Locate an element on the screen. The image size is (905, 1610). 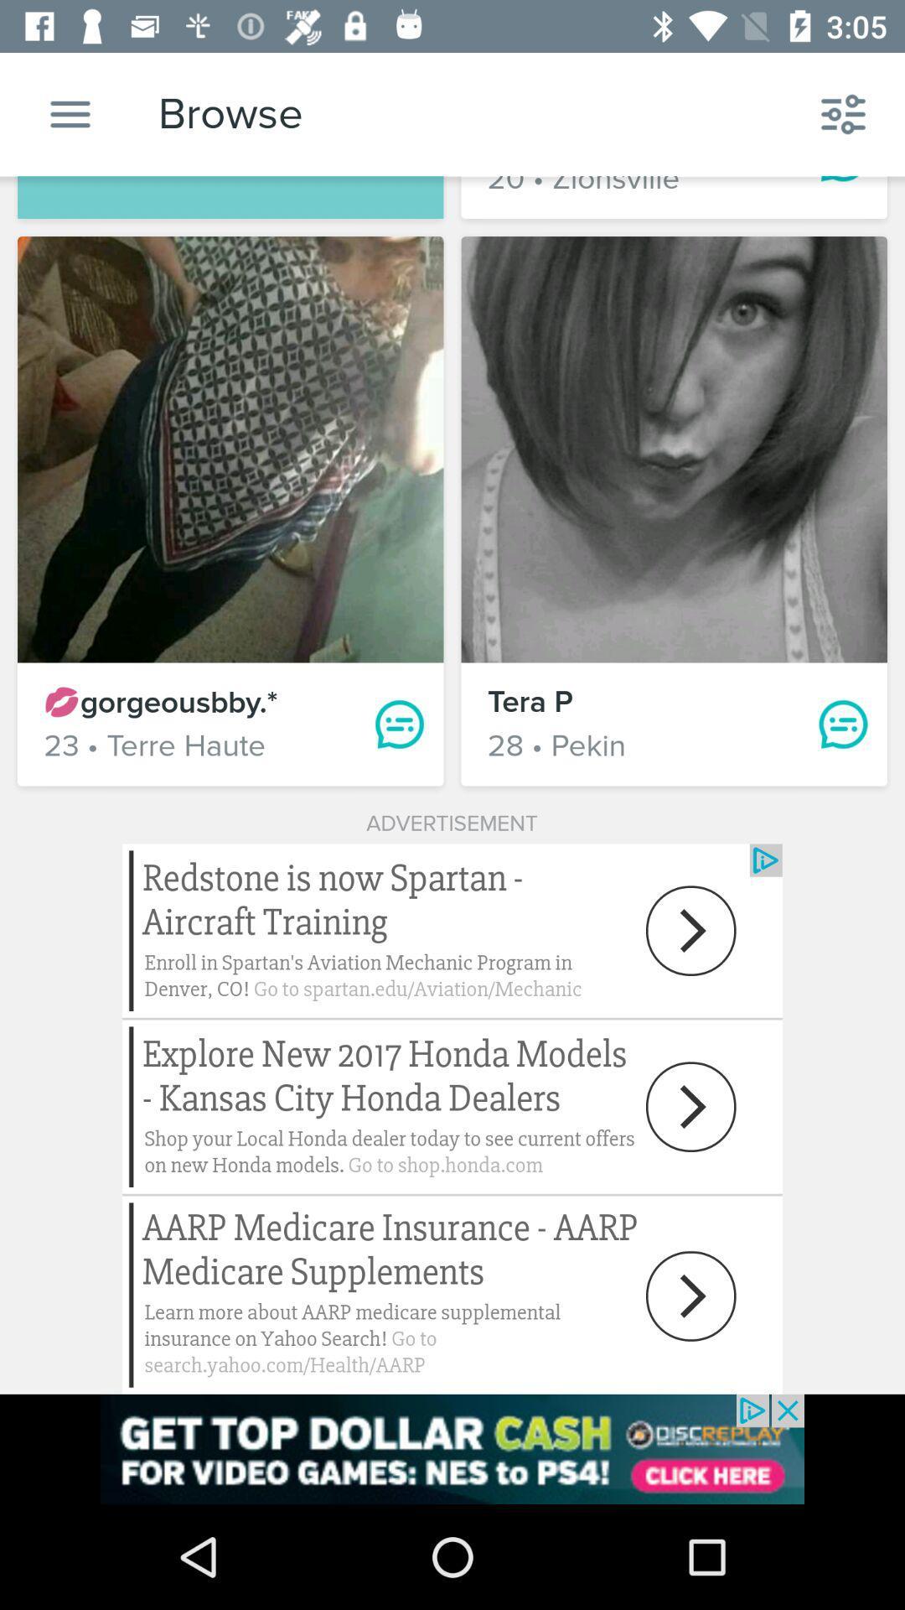
the advertisement is located at coordinates (452, 1448).